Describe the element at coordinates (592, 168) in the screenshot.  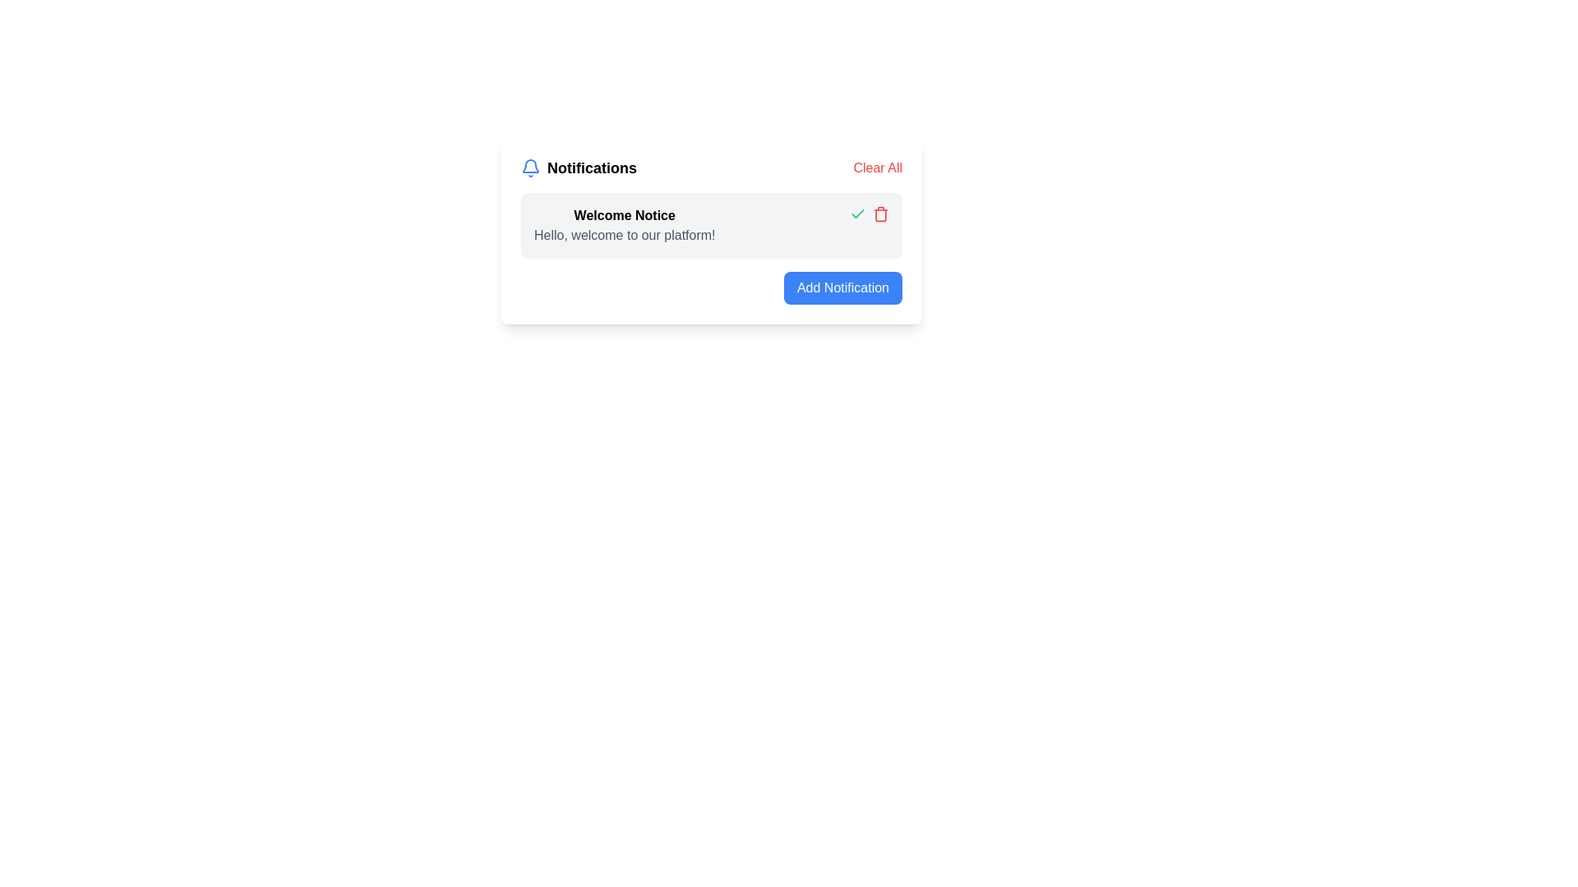
I see `the text label indicating notifications, which is positioned near the top of the section and is part of a horizontal layout with a blue-colored bell icon to its left` at that location.